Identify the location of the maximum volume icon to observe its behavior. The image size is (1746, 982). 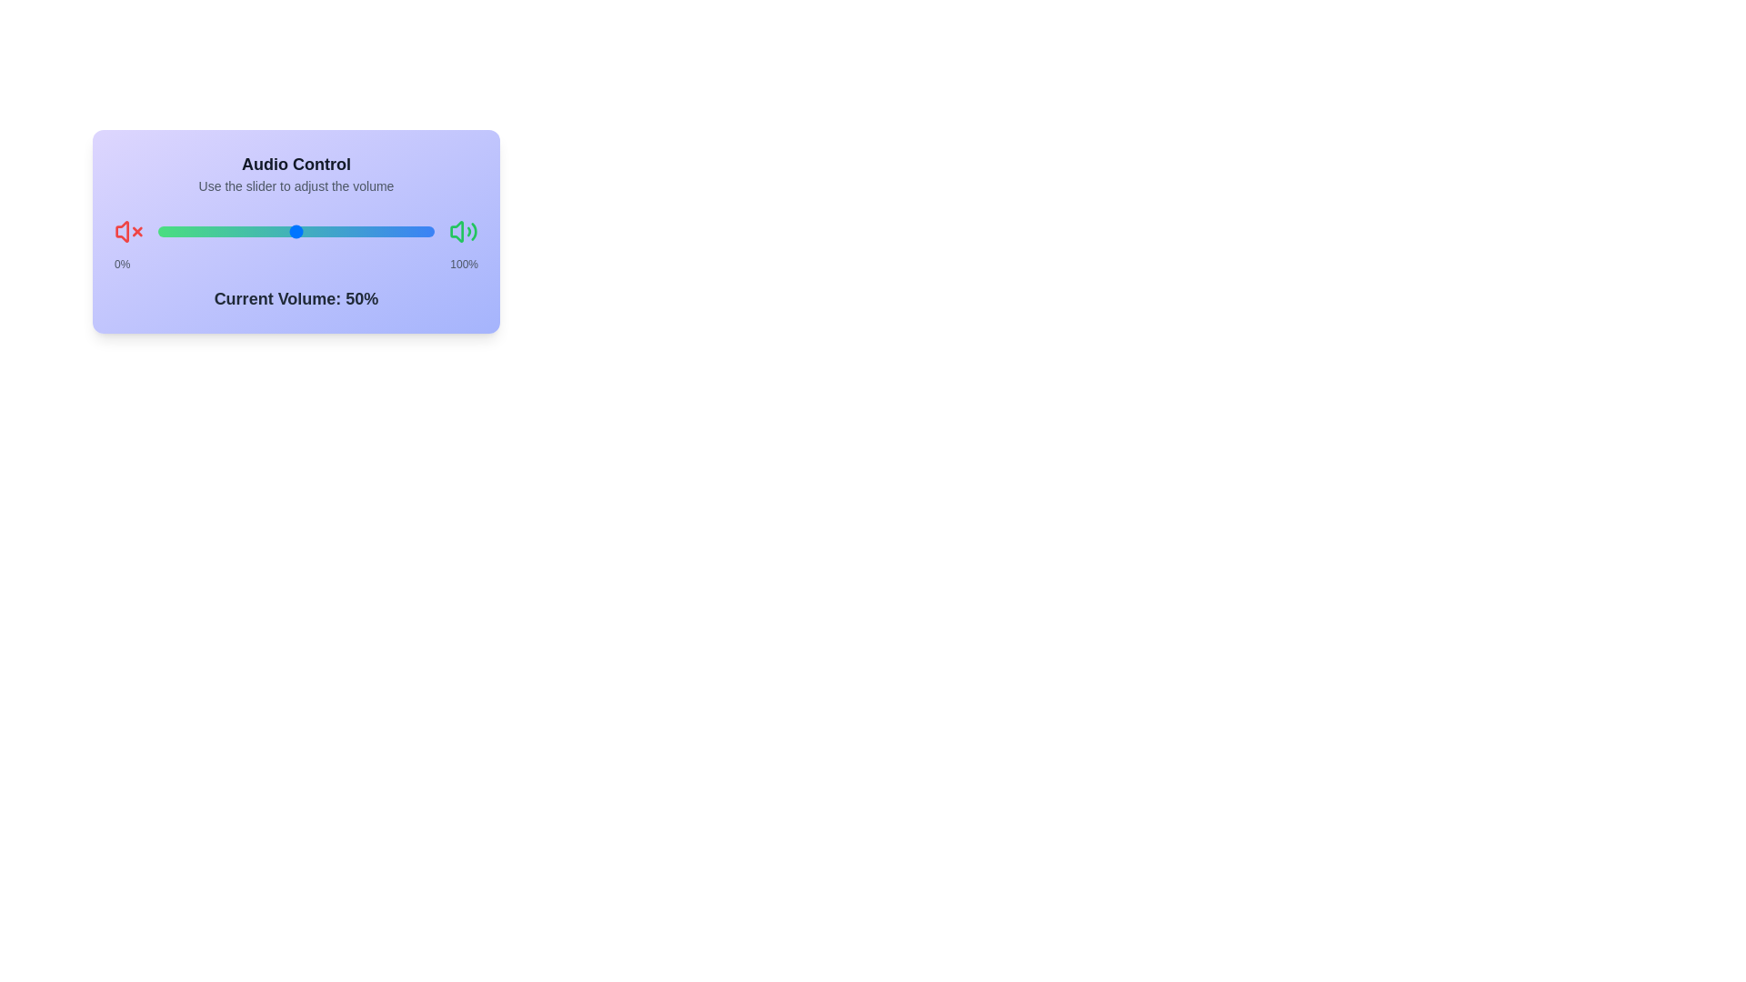
(463, 230).